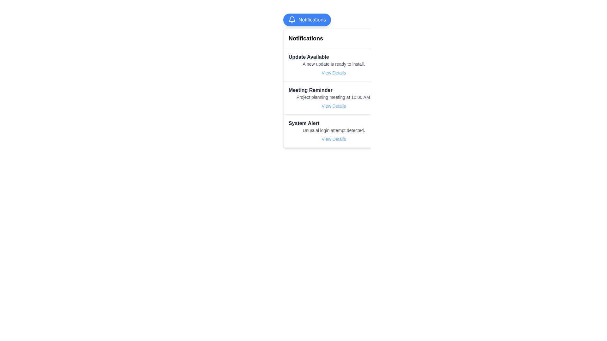 The height and width of the screenshot is (341, 607). Describe the element at coordinates (309, 57) in the screenshot. I see `the text label that serves as the title of a notification, indicating an available update and positioned at the top of the notification panel` at that location.